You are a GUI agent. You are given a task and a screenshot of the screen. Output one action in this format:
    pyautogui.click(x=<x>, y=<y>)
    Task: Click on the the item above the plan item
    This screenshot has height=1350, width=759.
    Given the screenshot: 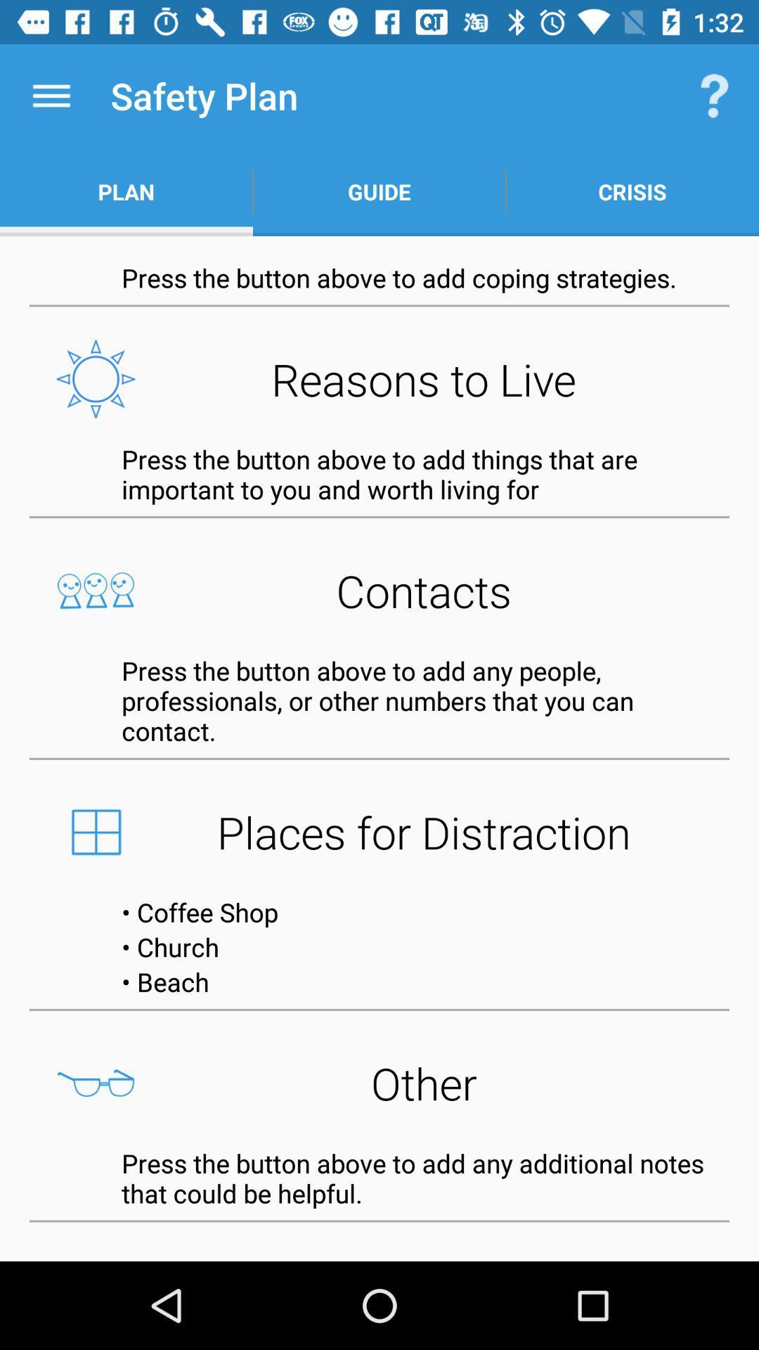 What is the action you would take?
    pyautogui.click(x=51, y=95)
    